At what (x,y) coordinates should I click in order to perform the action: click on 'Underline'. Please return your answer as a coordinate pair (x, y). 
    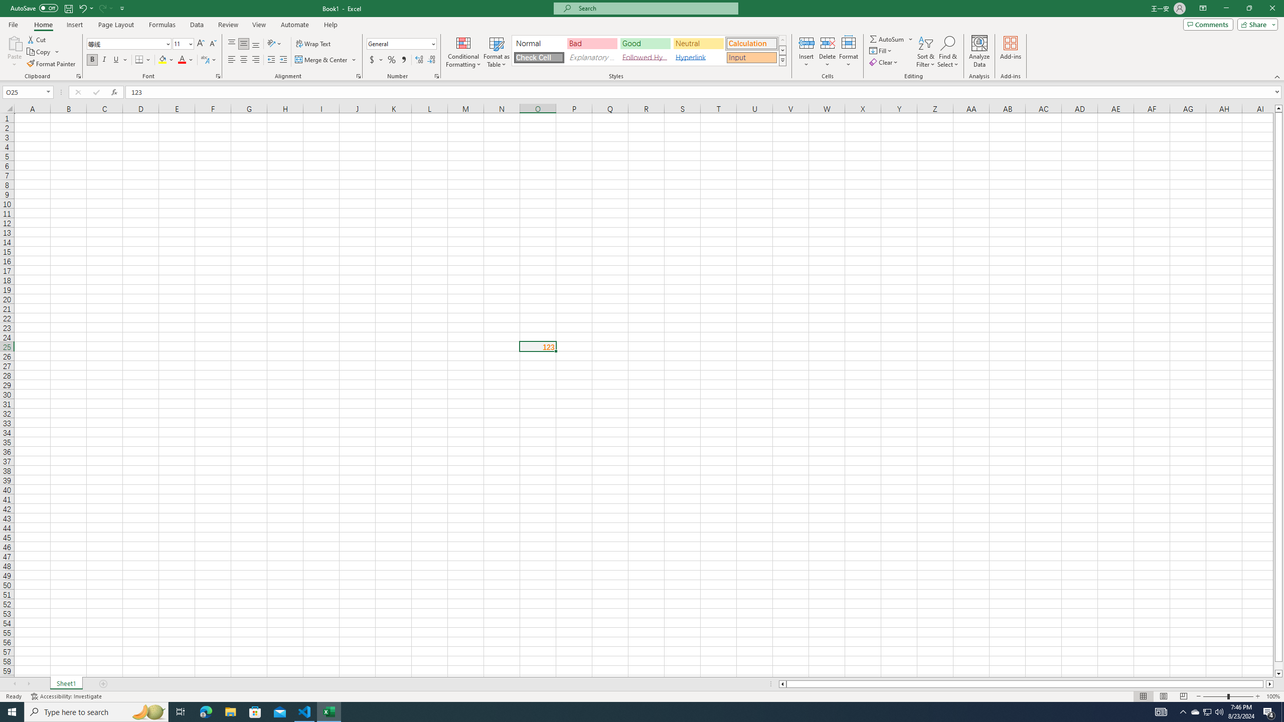
    Looking at the image, I should click on (120, 59).